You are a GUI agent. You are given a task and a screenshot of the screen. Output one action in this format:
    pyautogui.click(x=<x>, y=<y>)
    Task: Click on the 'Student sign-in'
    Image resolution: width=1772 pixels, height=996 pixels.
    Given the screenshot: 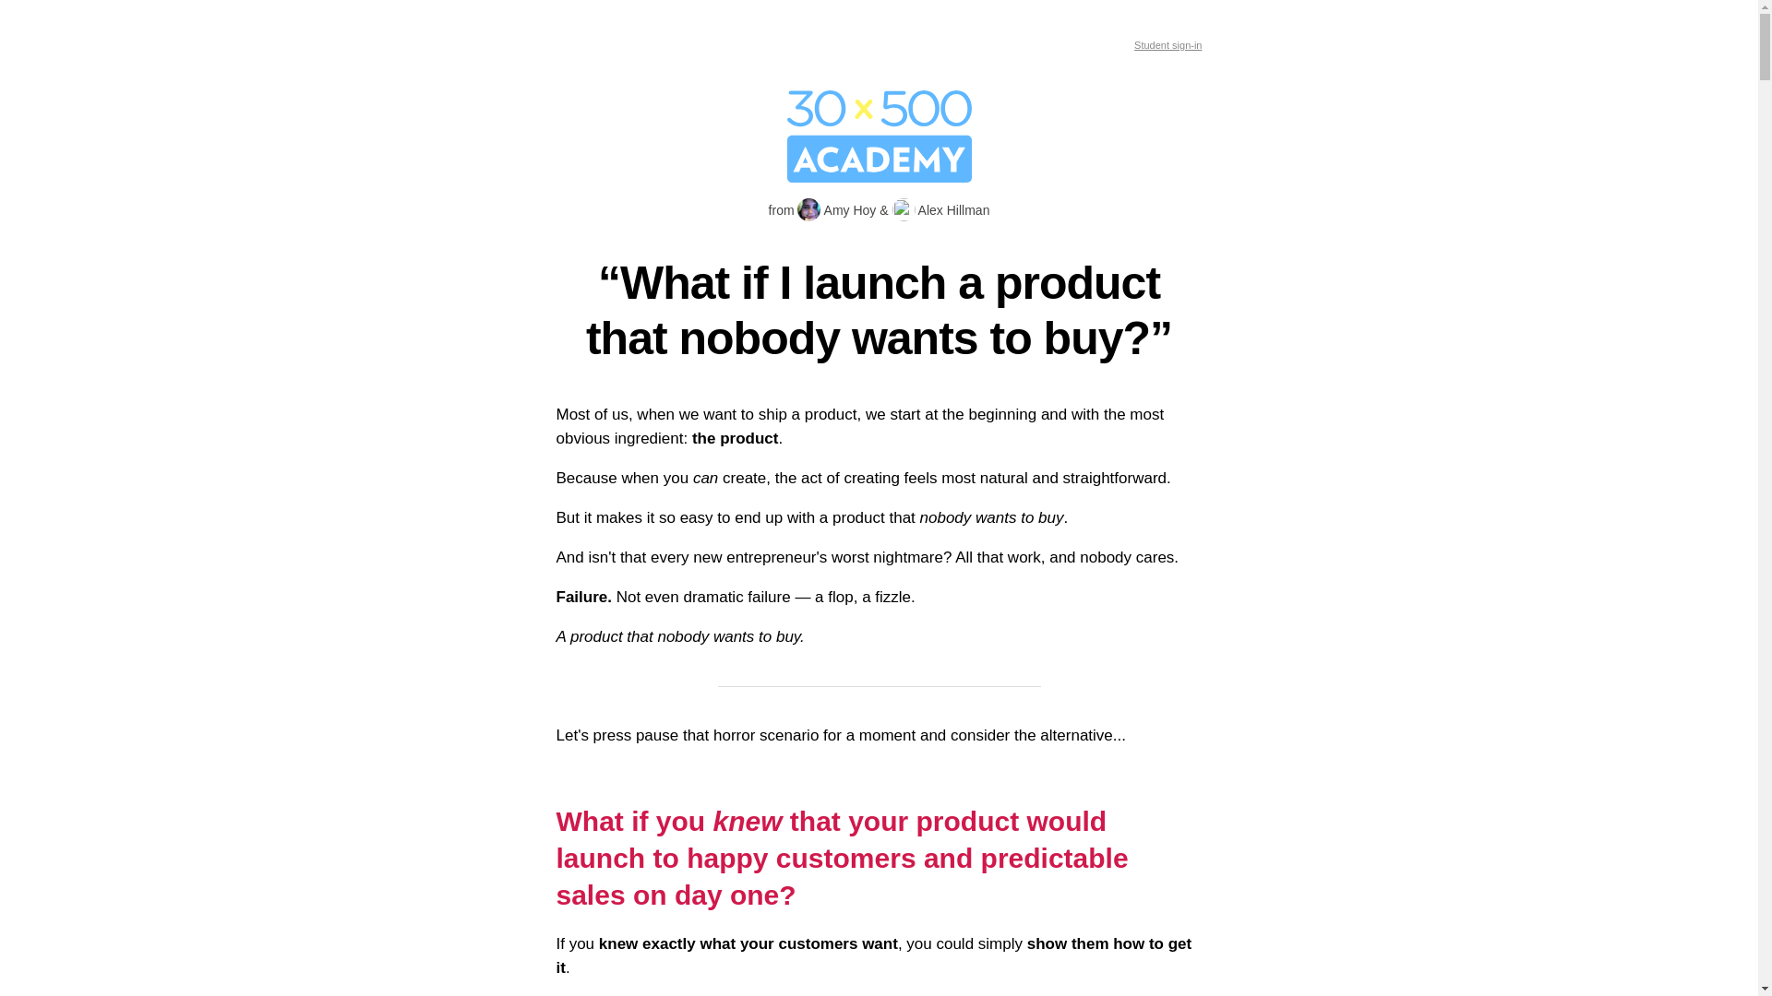 What is the action you would take?
    pyautogui.click(x=1167, y=44)
    